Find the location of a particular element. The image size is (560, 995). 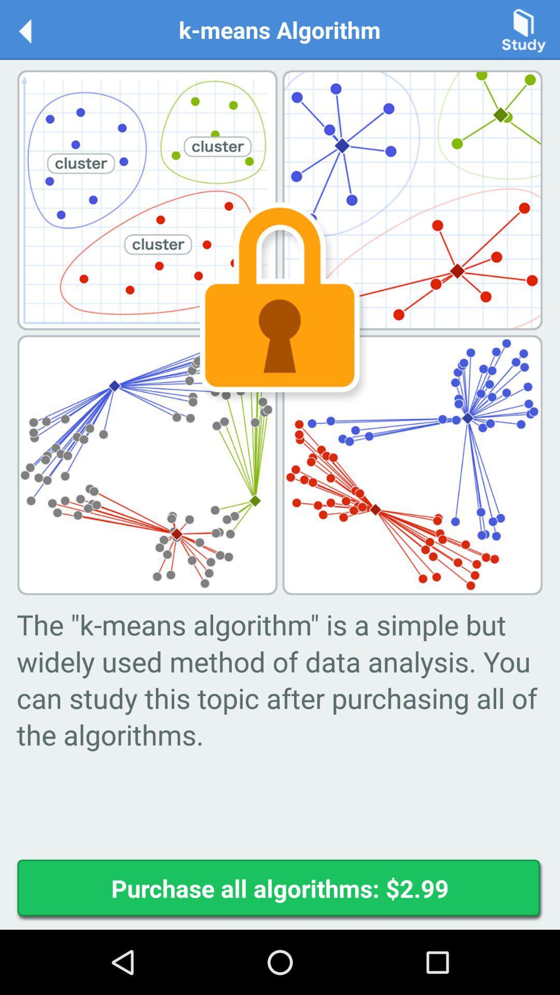

study the algorithm is located at coordinates (524, 29).